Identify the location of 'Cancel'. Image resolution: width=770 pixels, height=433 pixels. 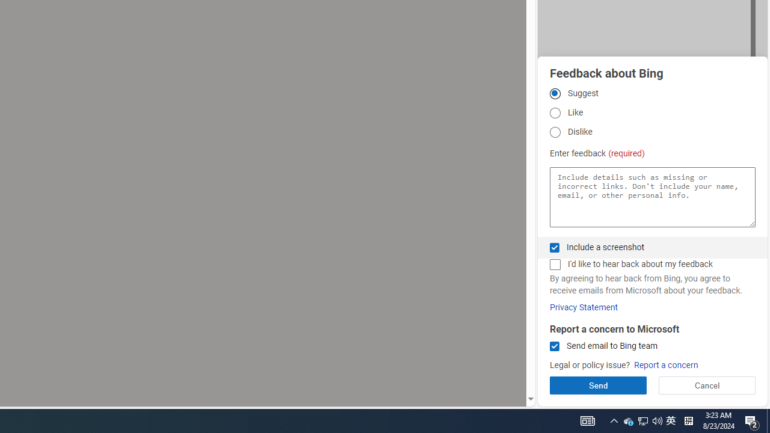
(707, 385).